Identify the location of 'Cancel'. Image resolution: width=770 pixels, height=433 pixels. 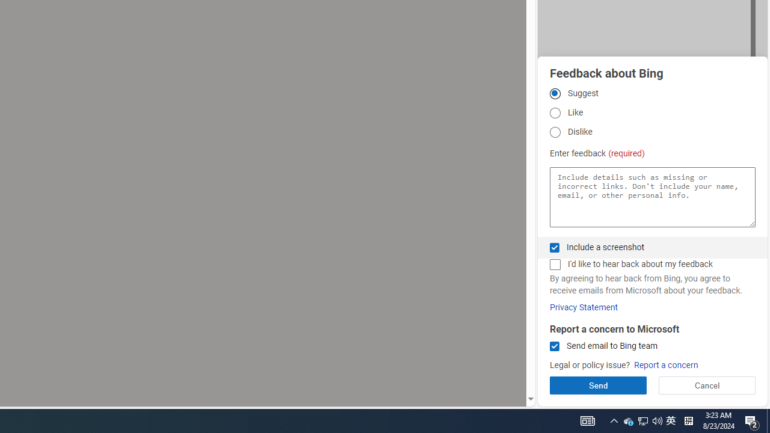
(707, 385).